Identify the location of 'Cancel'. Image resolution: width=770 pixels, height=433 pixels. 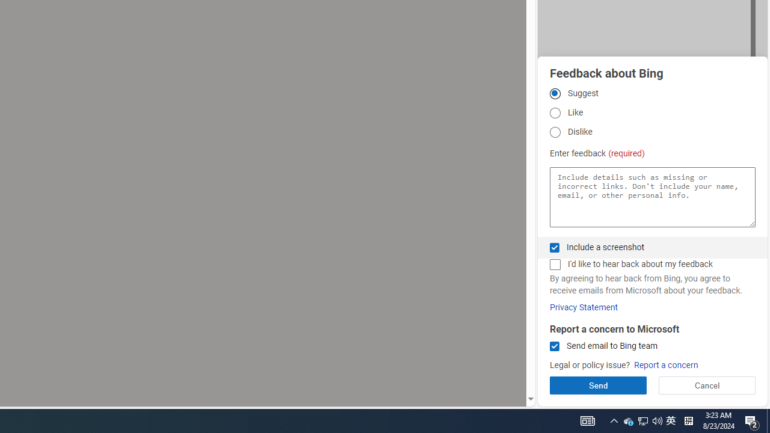
(707, 385).